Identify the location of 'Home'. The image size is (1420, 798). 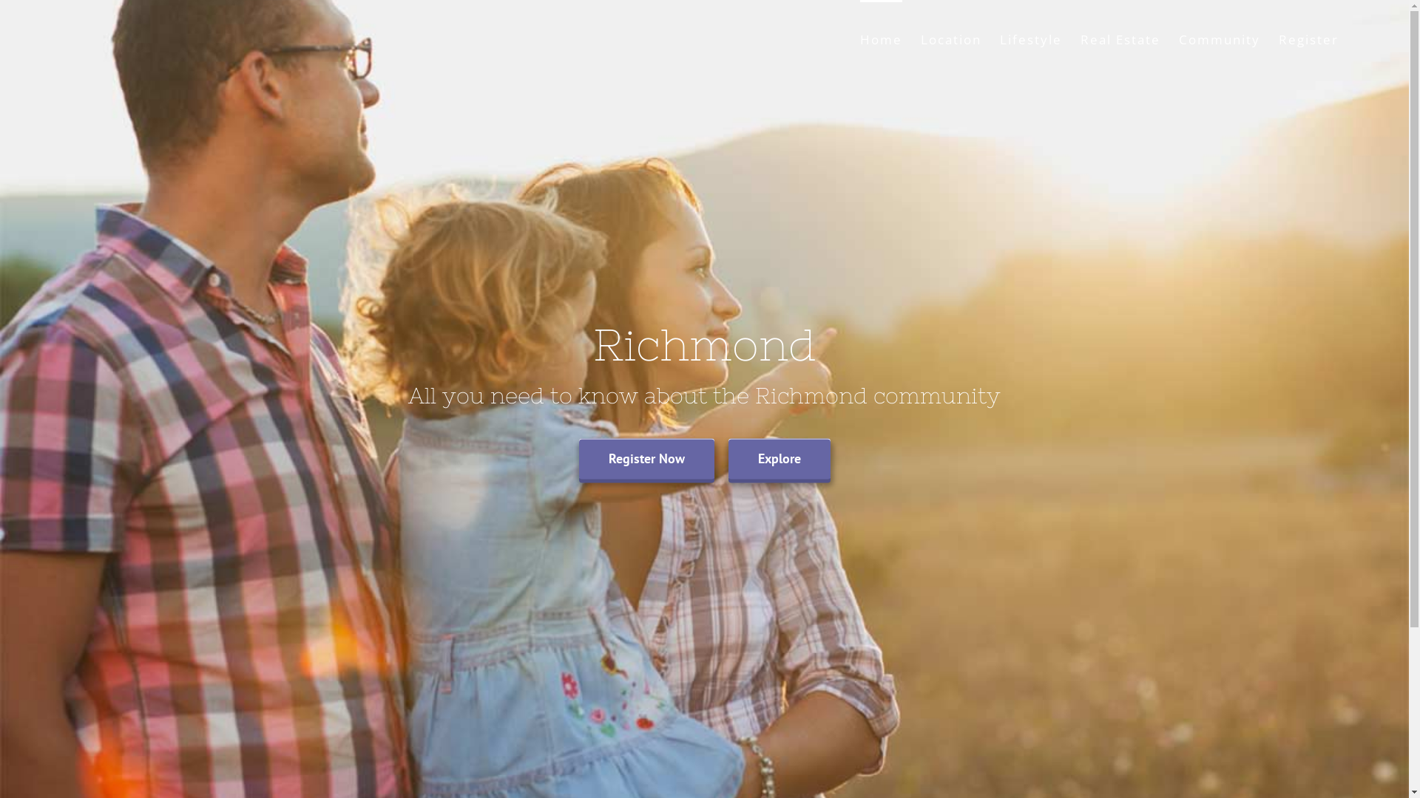
(859, 37).